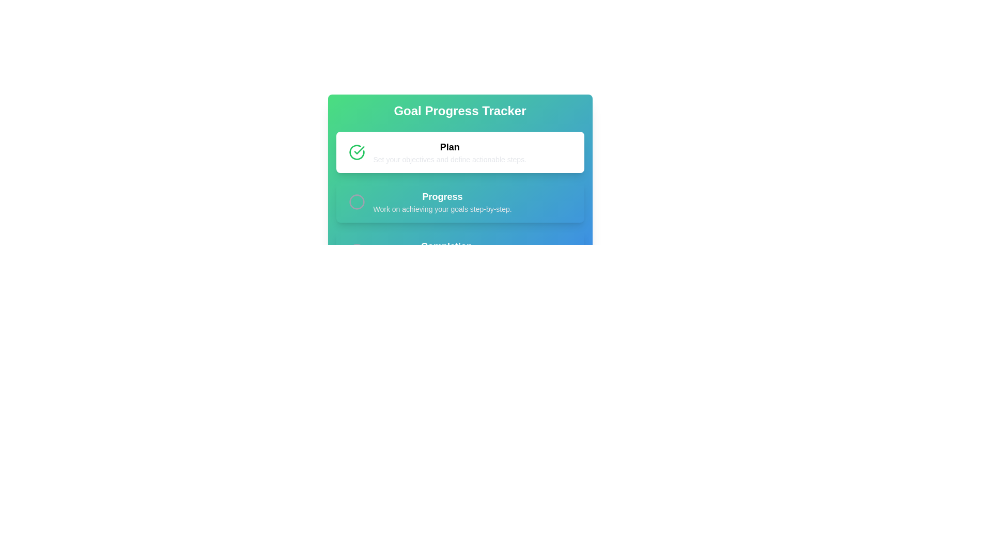 The image size is (992, 558). I want to click on the Text Block labeled 'Plan', which provides descriptive information about planning objectives and steps, so click(450, 152).